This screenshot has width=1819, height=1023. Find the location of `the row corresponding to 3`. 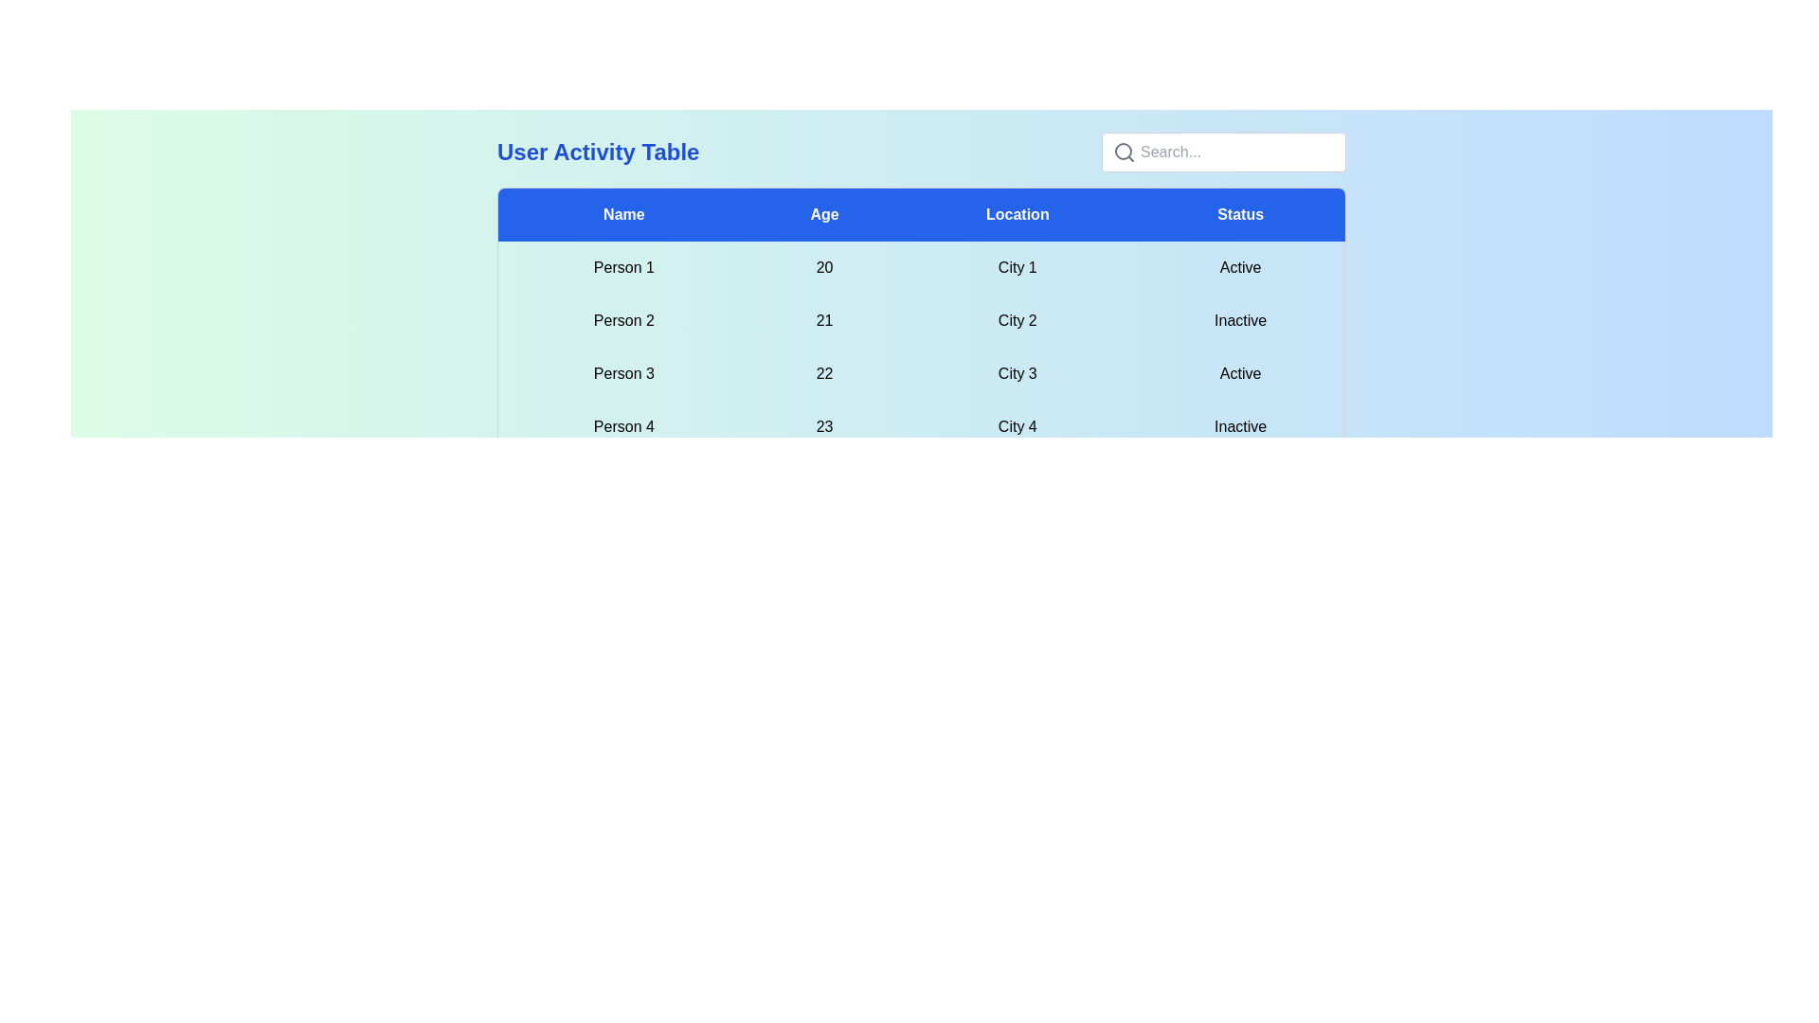

the row corresponding to 3 is located at coordinates (922, 373).